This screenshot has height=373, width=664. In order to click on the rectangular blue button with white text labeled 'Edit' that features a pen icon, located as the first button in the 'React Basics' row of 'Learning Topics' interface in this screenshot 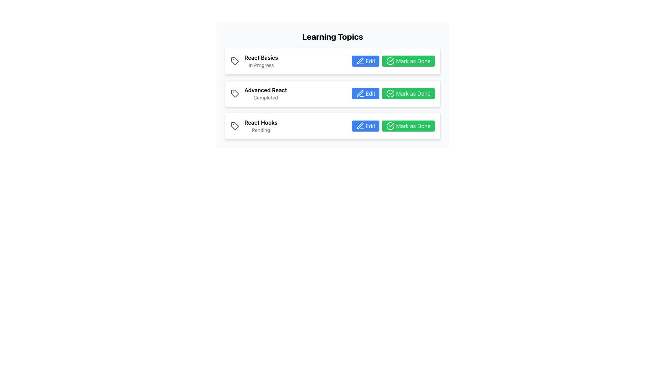, I will do `click(365, 61)`.